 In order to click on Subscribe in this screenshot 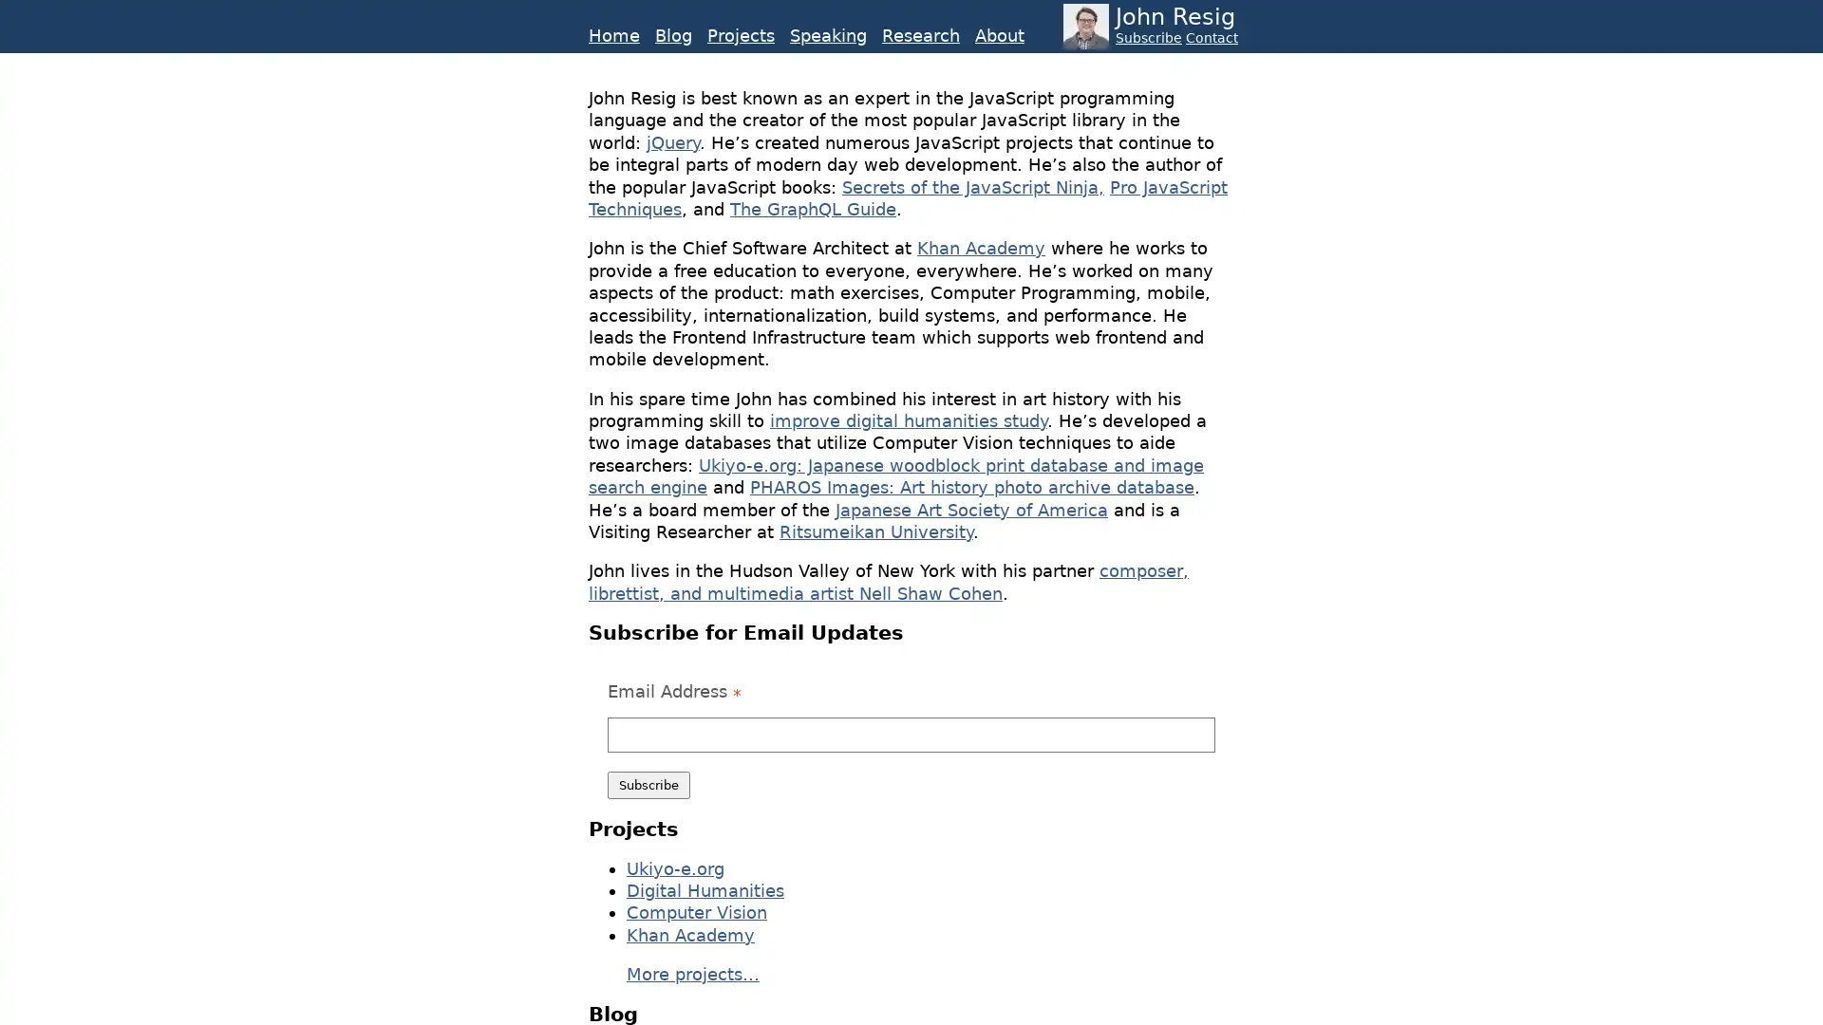, I will do `click(648, 785)`.